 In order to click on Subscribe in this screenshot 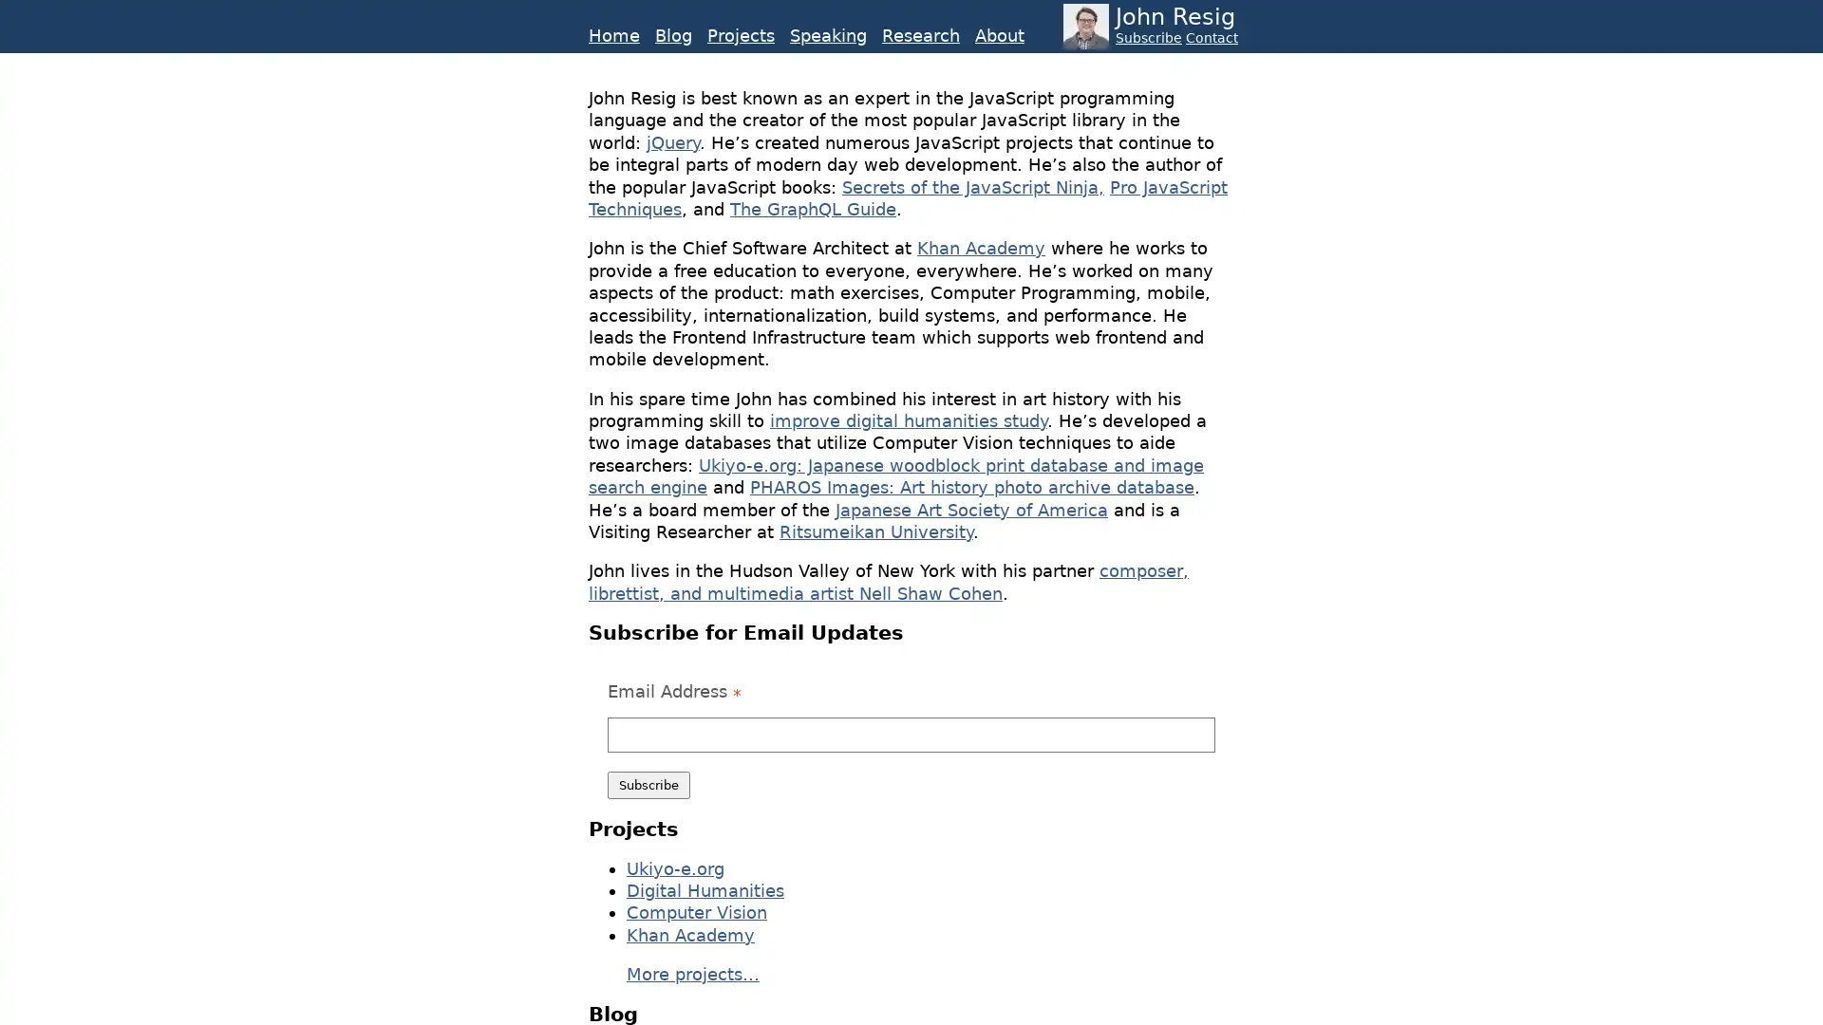, I will do `click(648, 785)`.